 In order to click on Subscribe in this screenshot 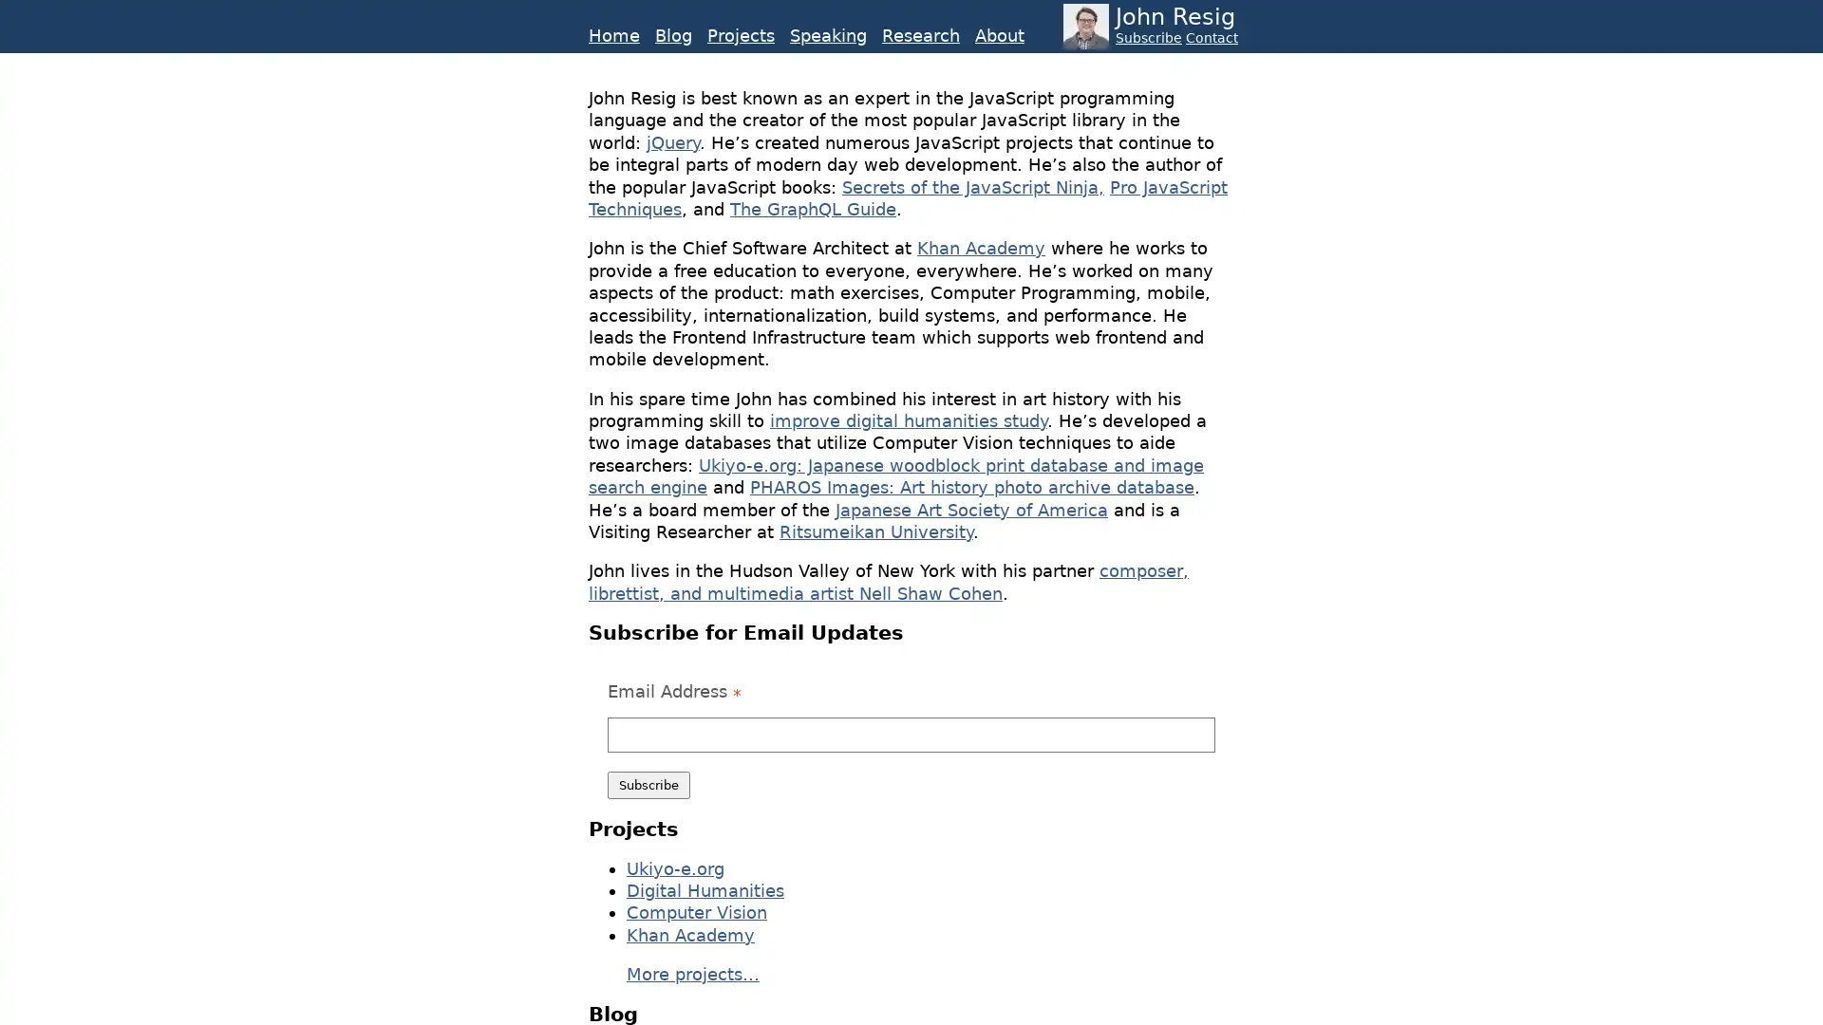, I will do `click(648, 785)`.